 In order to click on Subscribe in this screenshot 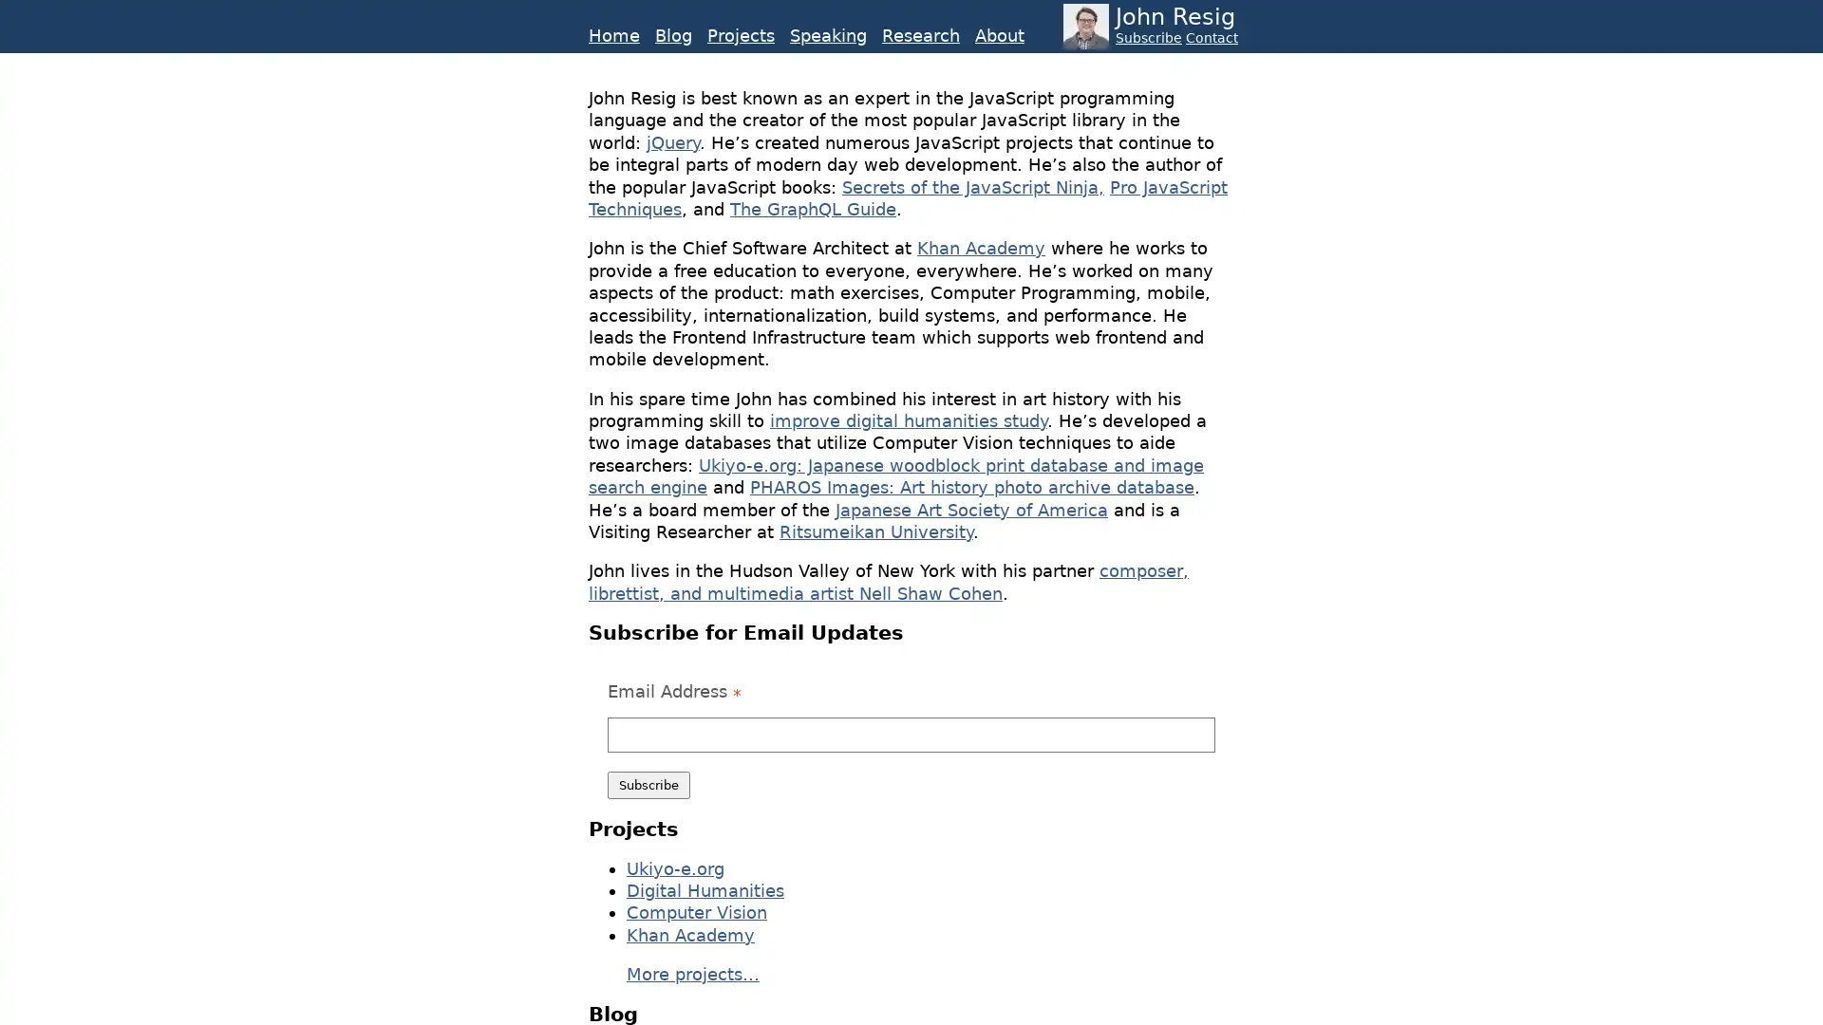, I will do `click(648, 785)`.